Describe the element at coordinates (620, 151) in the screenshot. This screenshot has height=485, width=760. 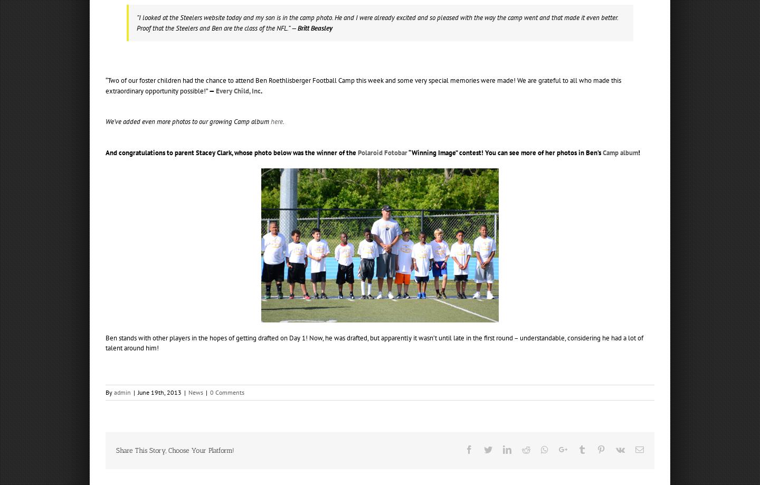
I see `'Camp album'` at that location.